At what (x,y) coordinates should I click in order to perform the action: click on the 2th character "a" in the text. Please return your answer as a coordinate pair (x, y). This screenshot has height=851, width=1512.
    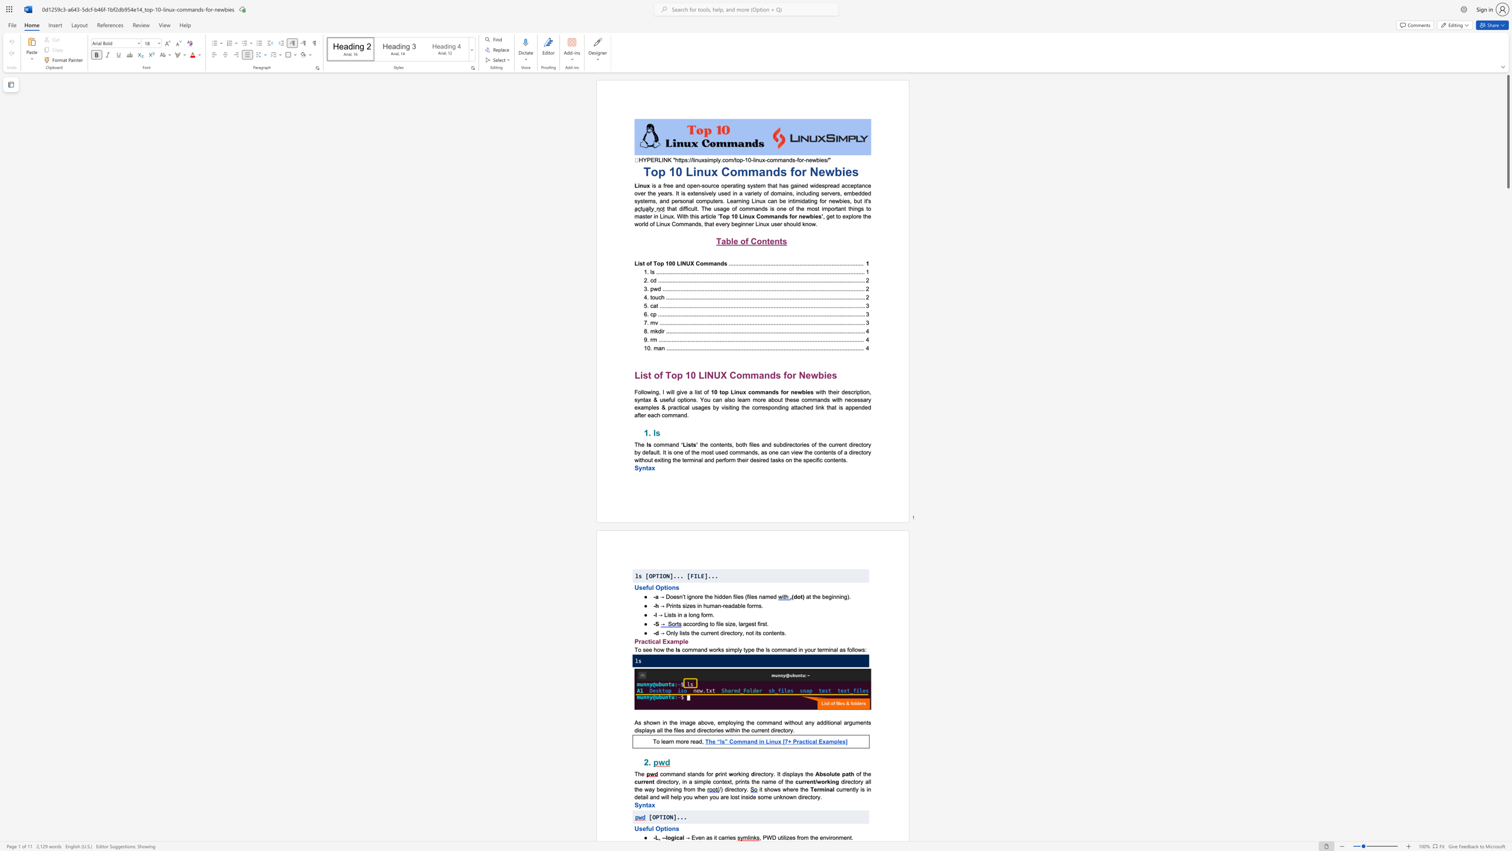
    Looking at the image, I should click on (838, 722).